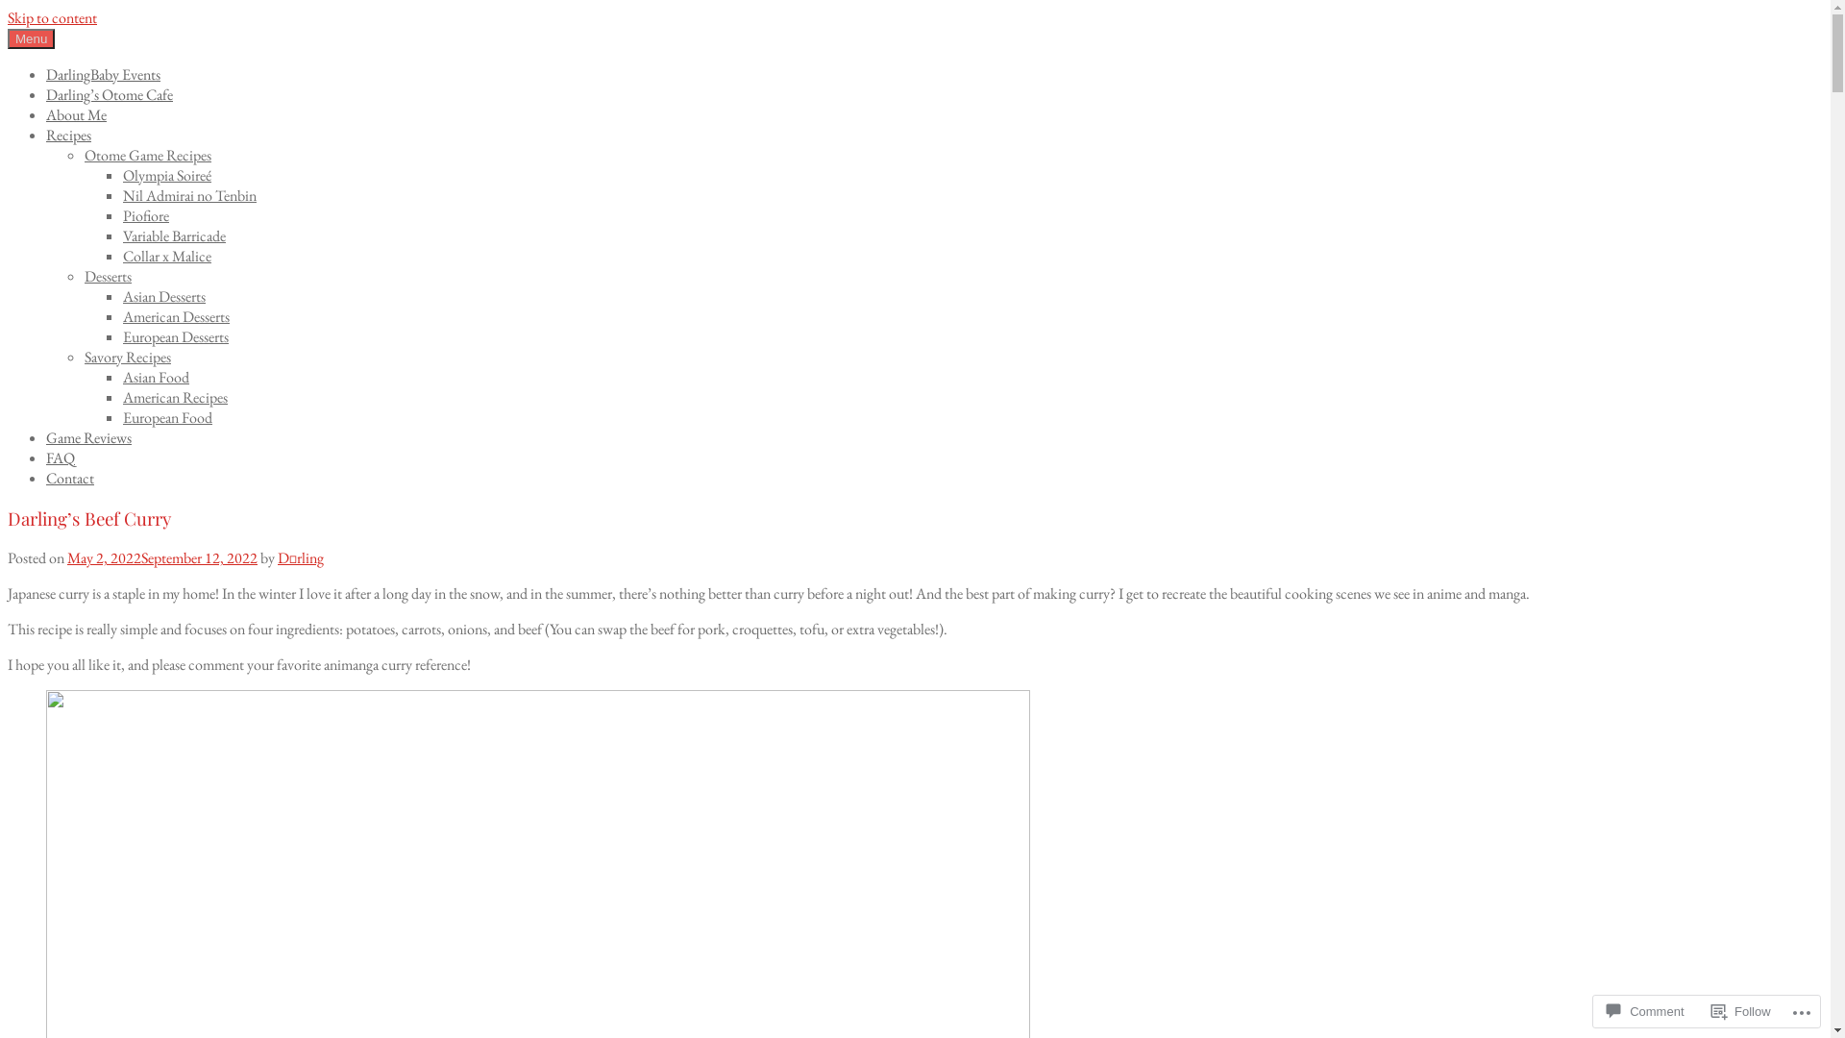  Describe the element at coordinates (46, 114) in the screenshot. I see `'About Me'` at that location.